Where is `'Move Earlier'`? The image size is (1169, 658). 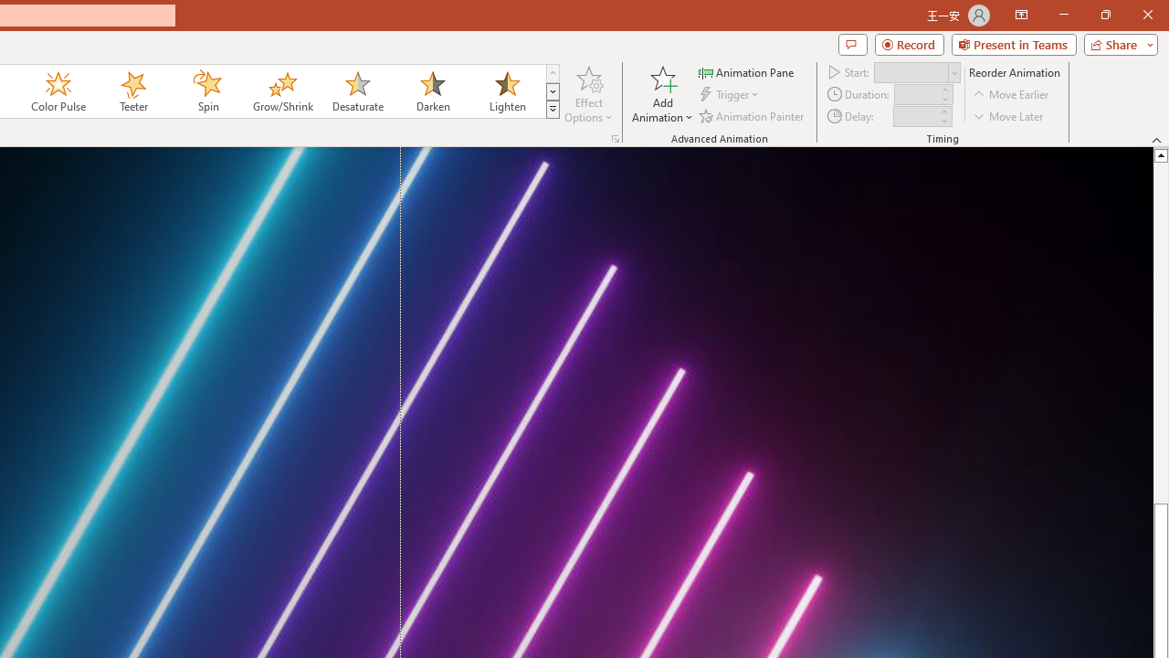 'Move Earlier' is located at coordinates (1010, 94).